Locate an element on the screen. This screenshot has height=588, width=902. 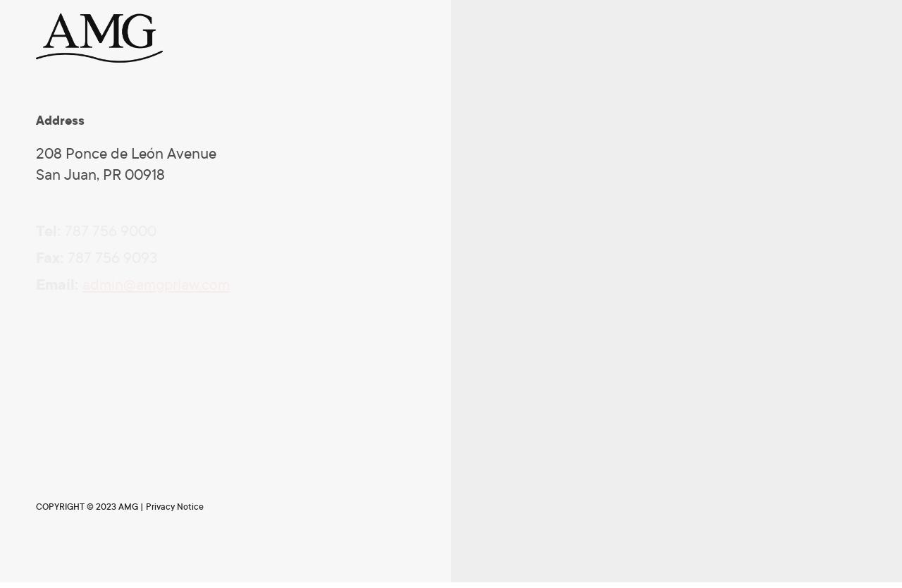
'Privacy Notice' is located at coordinates (145, 507).